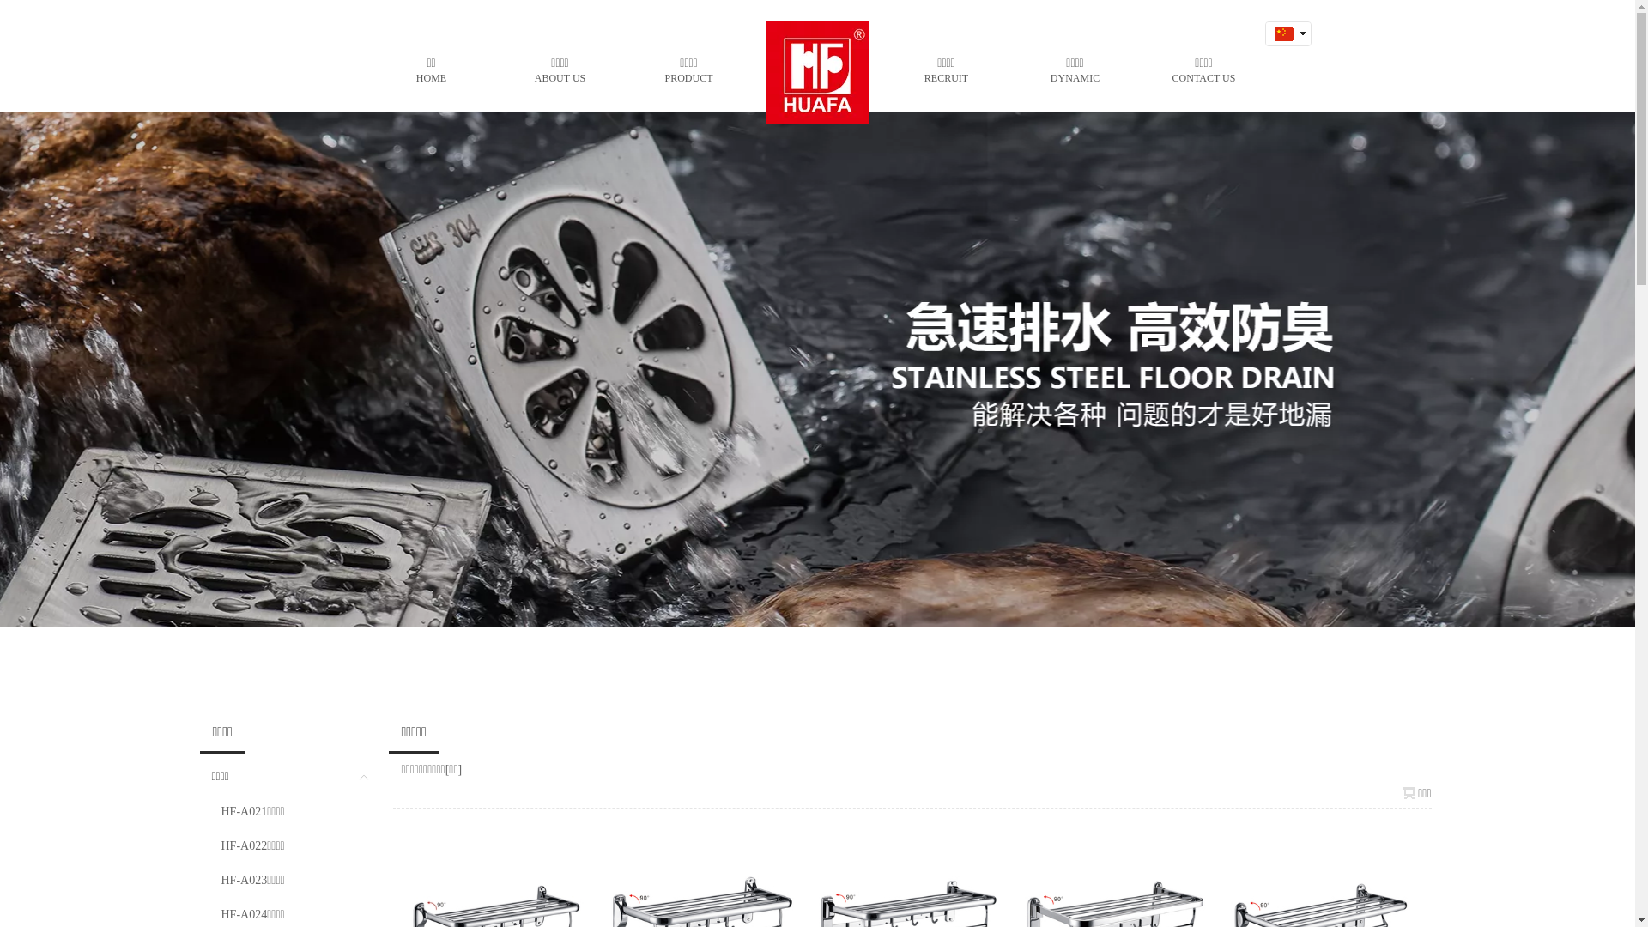 This screenshot has width=1648, height=927. What do you see at coordinates (815, 68) in the screenshot?
I see `'.'` at bounding box center [815, 68].